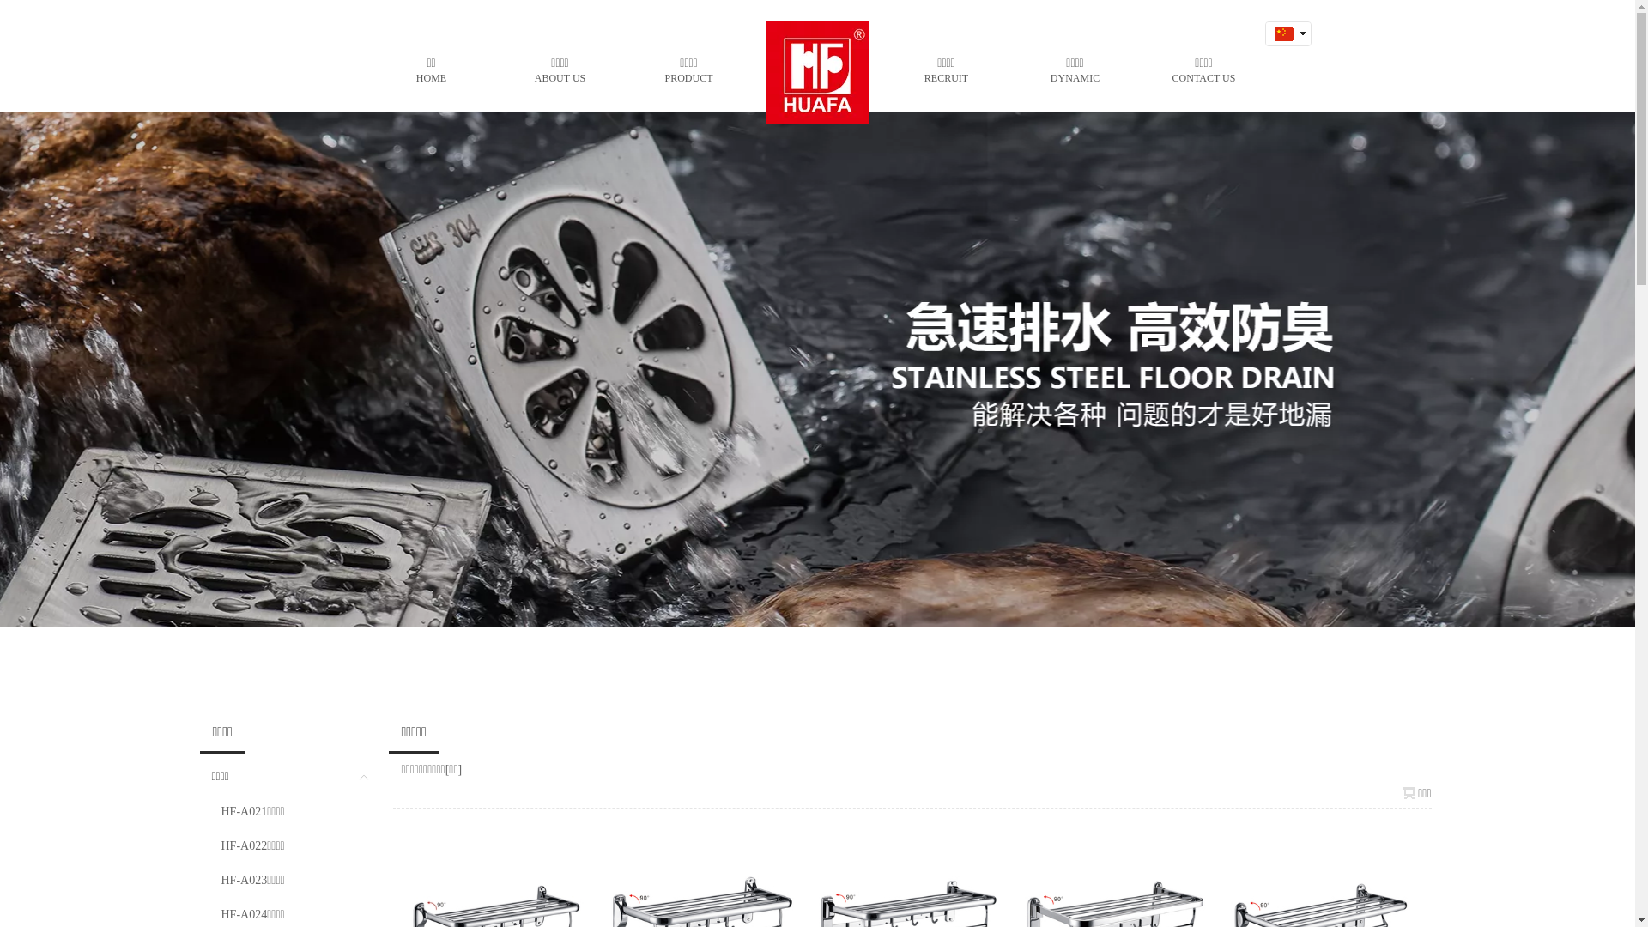 This screenshot has width=1648, height=927. What do you see at coordinates (815, 68) in the screenshot?
I see `'.'` at bounding box center [815, 68].